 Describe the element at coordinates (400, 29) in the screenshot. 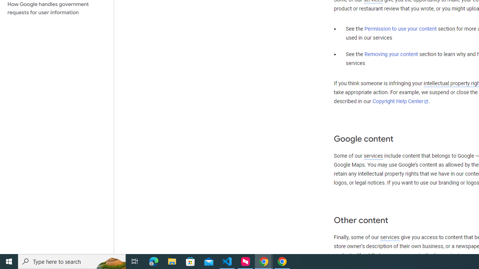

I see `'Permission to use your content'` at that location.